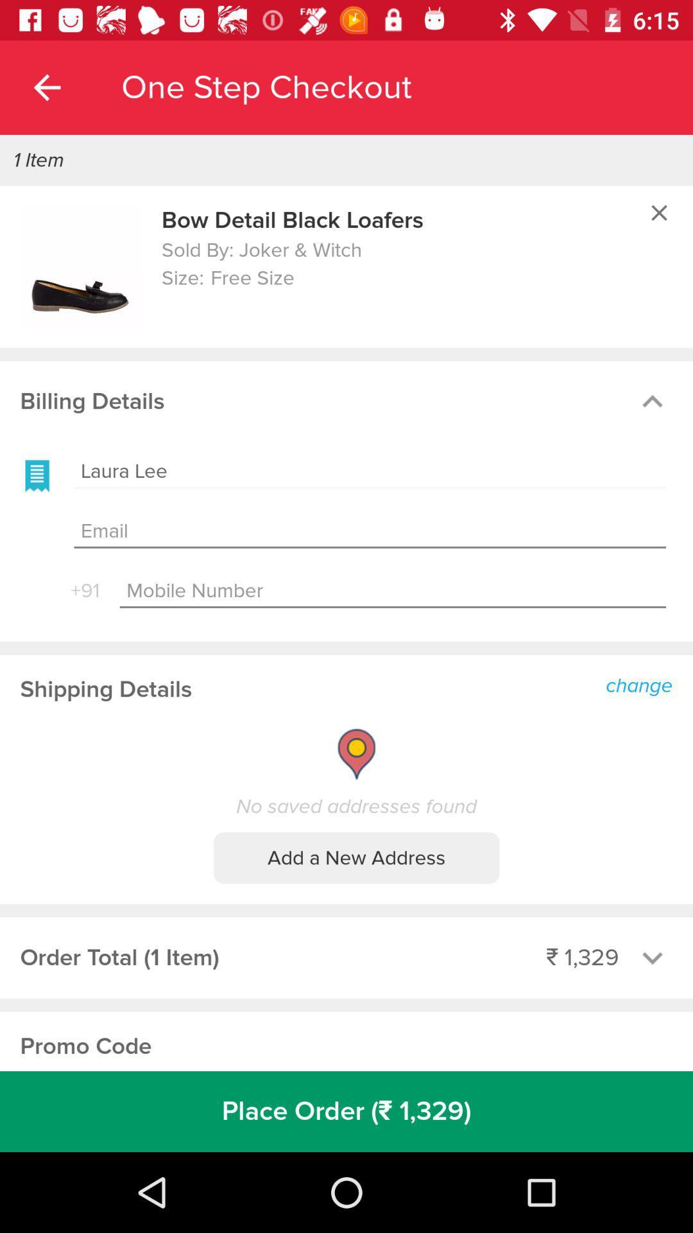  Describe the element at coordinates (370, 532) in the screenshot. I see `email address` at that location.